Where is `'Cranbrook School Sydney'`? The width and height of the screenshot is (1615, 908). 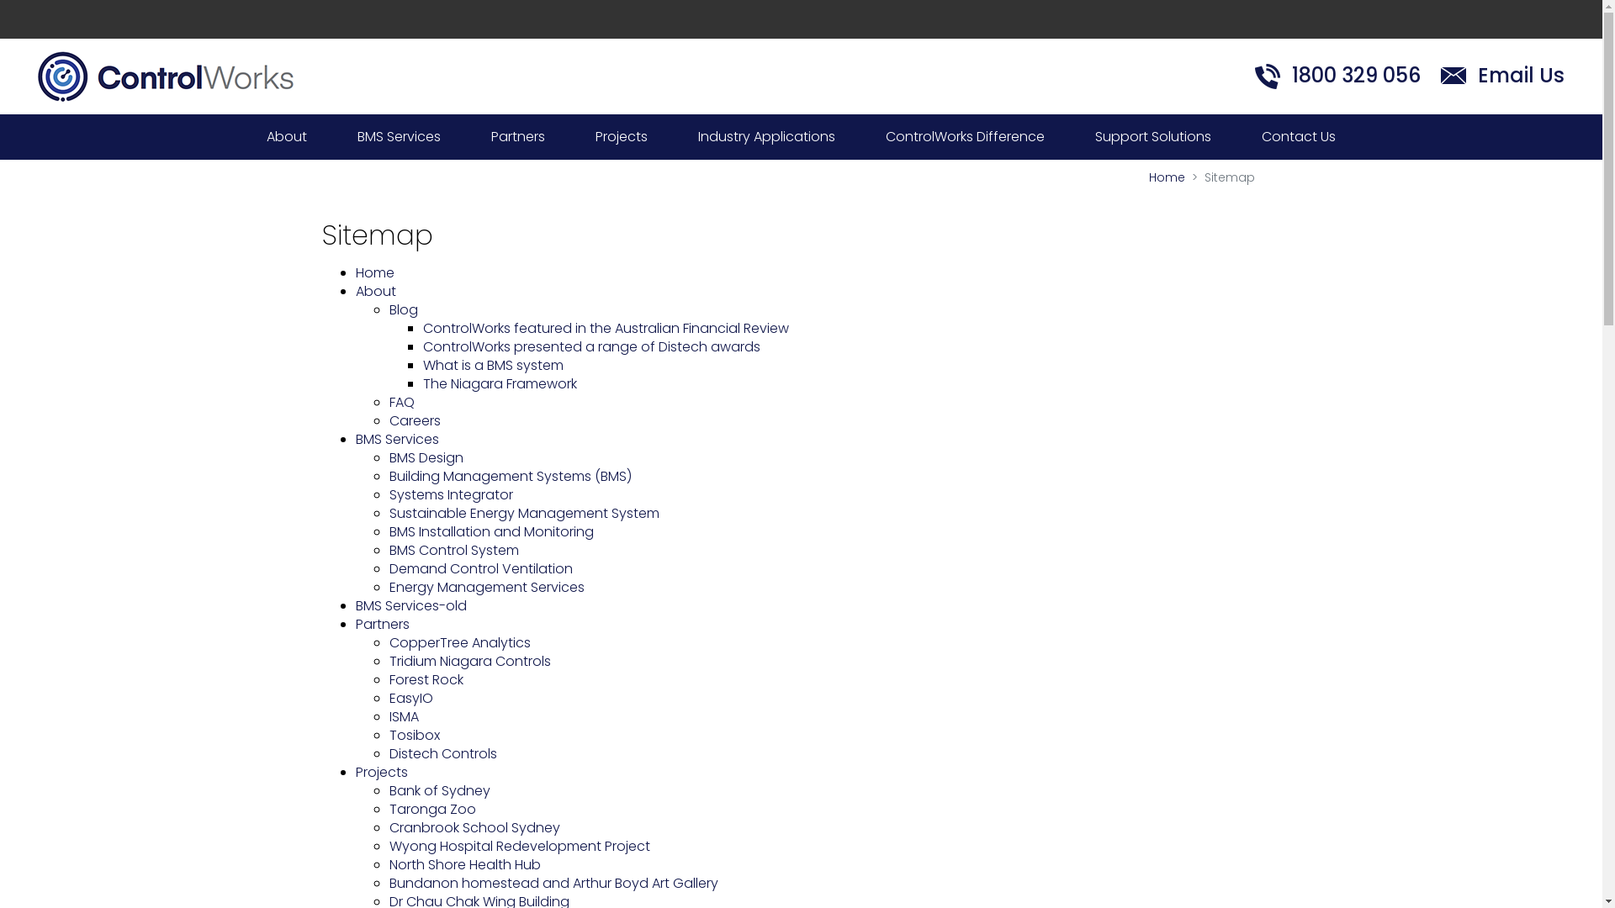
'Cranbrook School Sydney' is located at coordinates (473, 826).